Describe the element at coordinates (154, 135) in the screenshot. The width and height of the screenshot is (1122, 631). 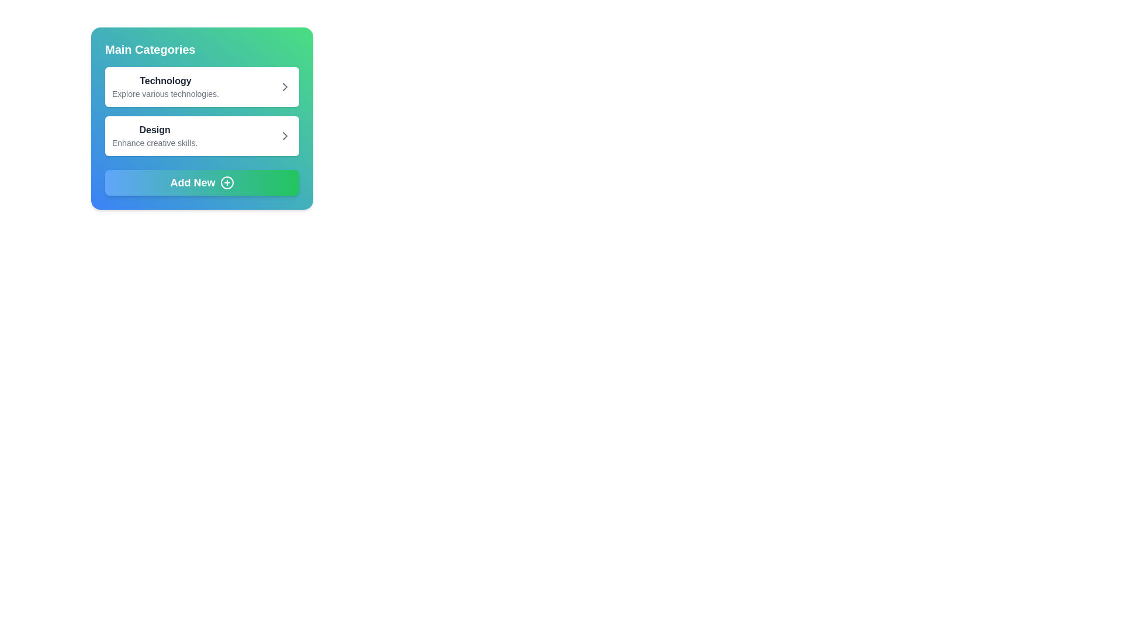
I see `the text block containing the title 'Design' and subtitle 'Enhance creative skills.' which is the second item in the list of 'Main Categories'` at that location.